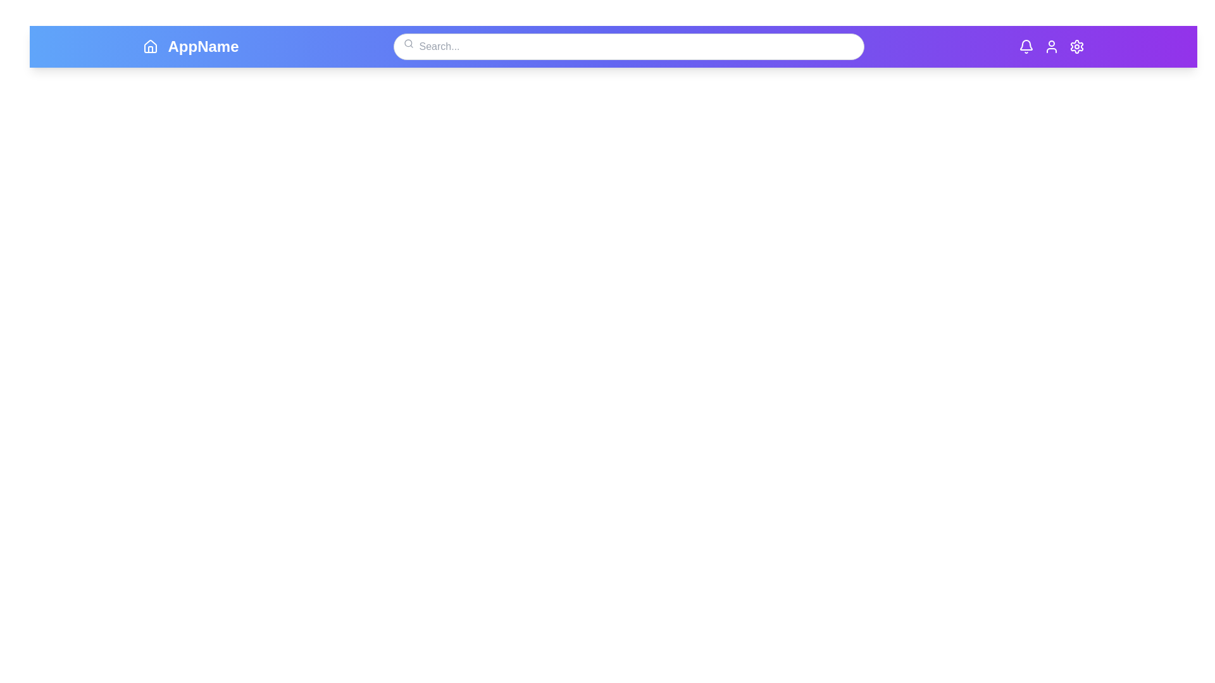 The image size is (1215, 683). Describe the element at coordinates (1026, 46) in the screenshot. I see `the Bell icon to navigate` at that location.